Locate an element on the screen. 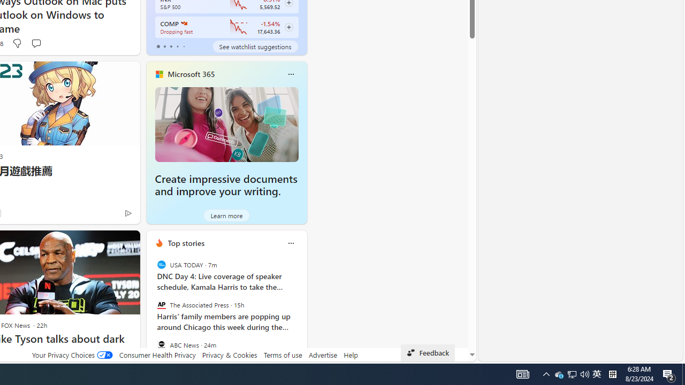  'ABC News' is located at coordinates (161, 344).